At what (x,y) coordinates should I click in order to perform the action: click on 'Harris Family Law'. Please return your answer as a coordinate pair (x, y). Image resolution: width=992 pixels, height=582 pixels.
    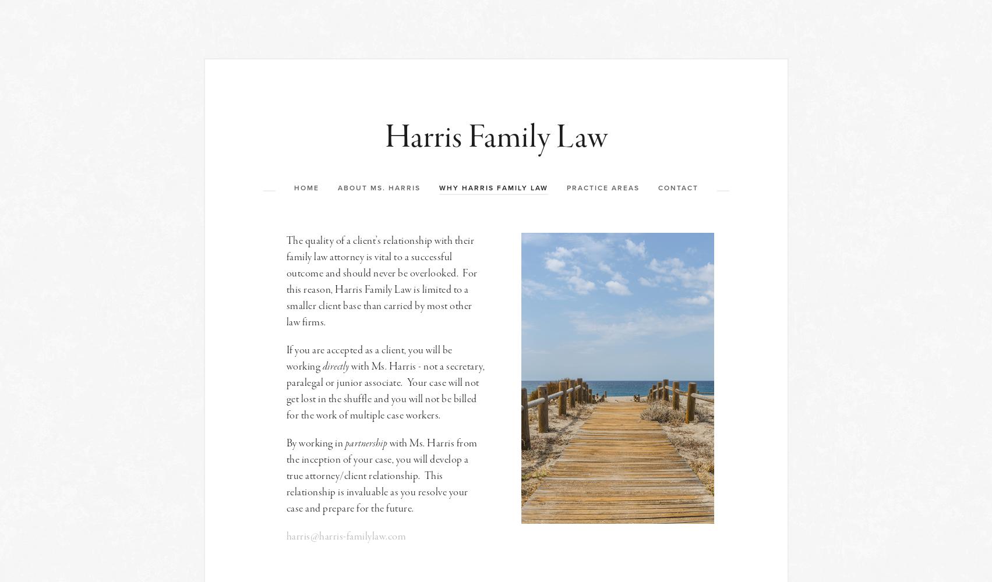
    Looking at the image, I should click on (496, 137).